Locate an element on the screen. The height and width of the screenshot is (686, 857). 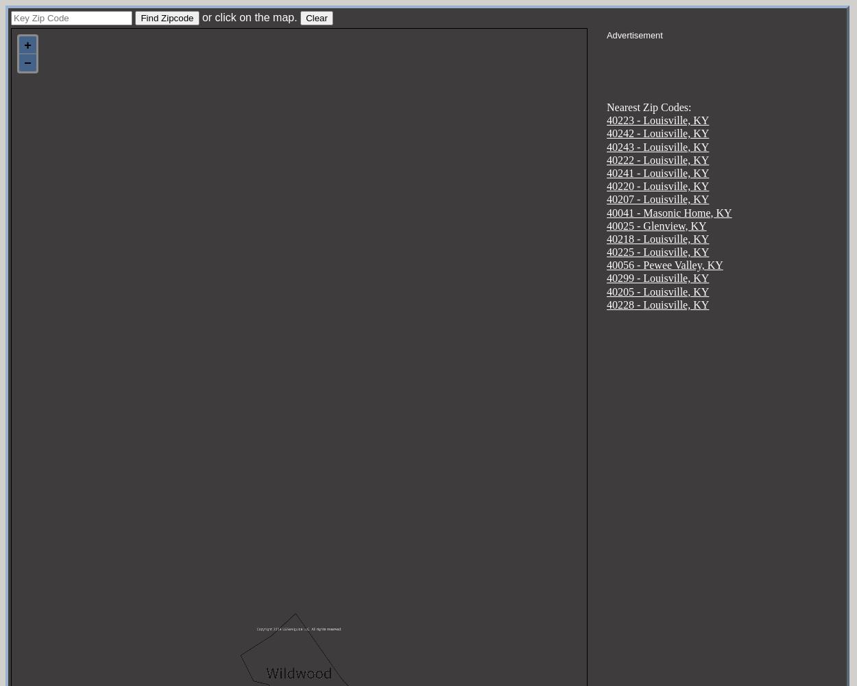
'40205 - Louisville, KY' is located at coordinates (657, 291).